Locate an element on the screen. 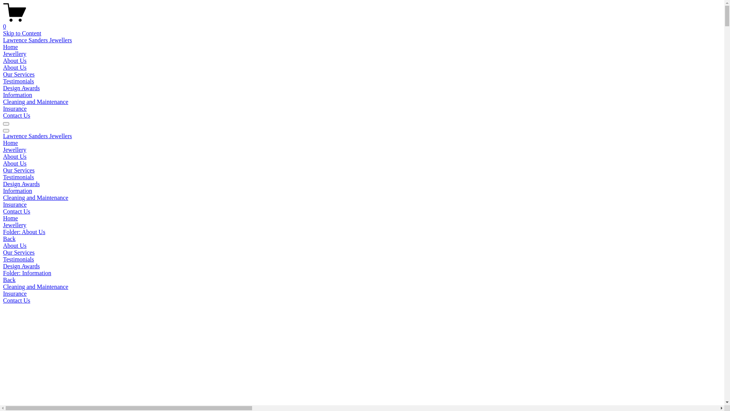 This screenshot has height=411, width=730. 'Cleaning and Maintenance' is located at coordinates (3, 197).